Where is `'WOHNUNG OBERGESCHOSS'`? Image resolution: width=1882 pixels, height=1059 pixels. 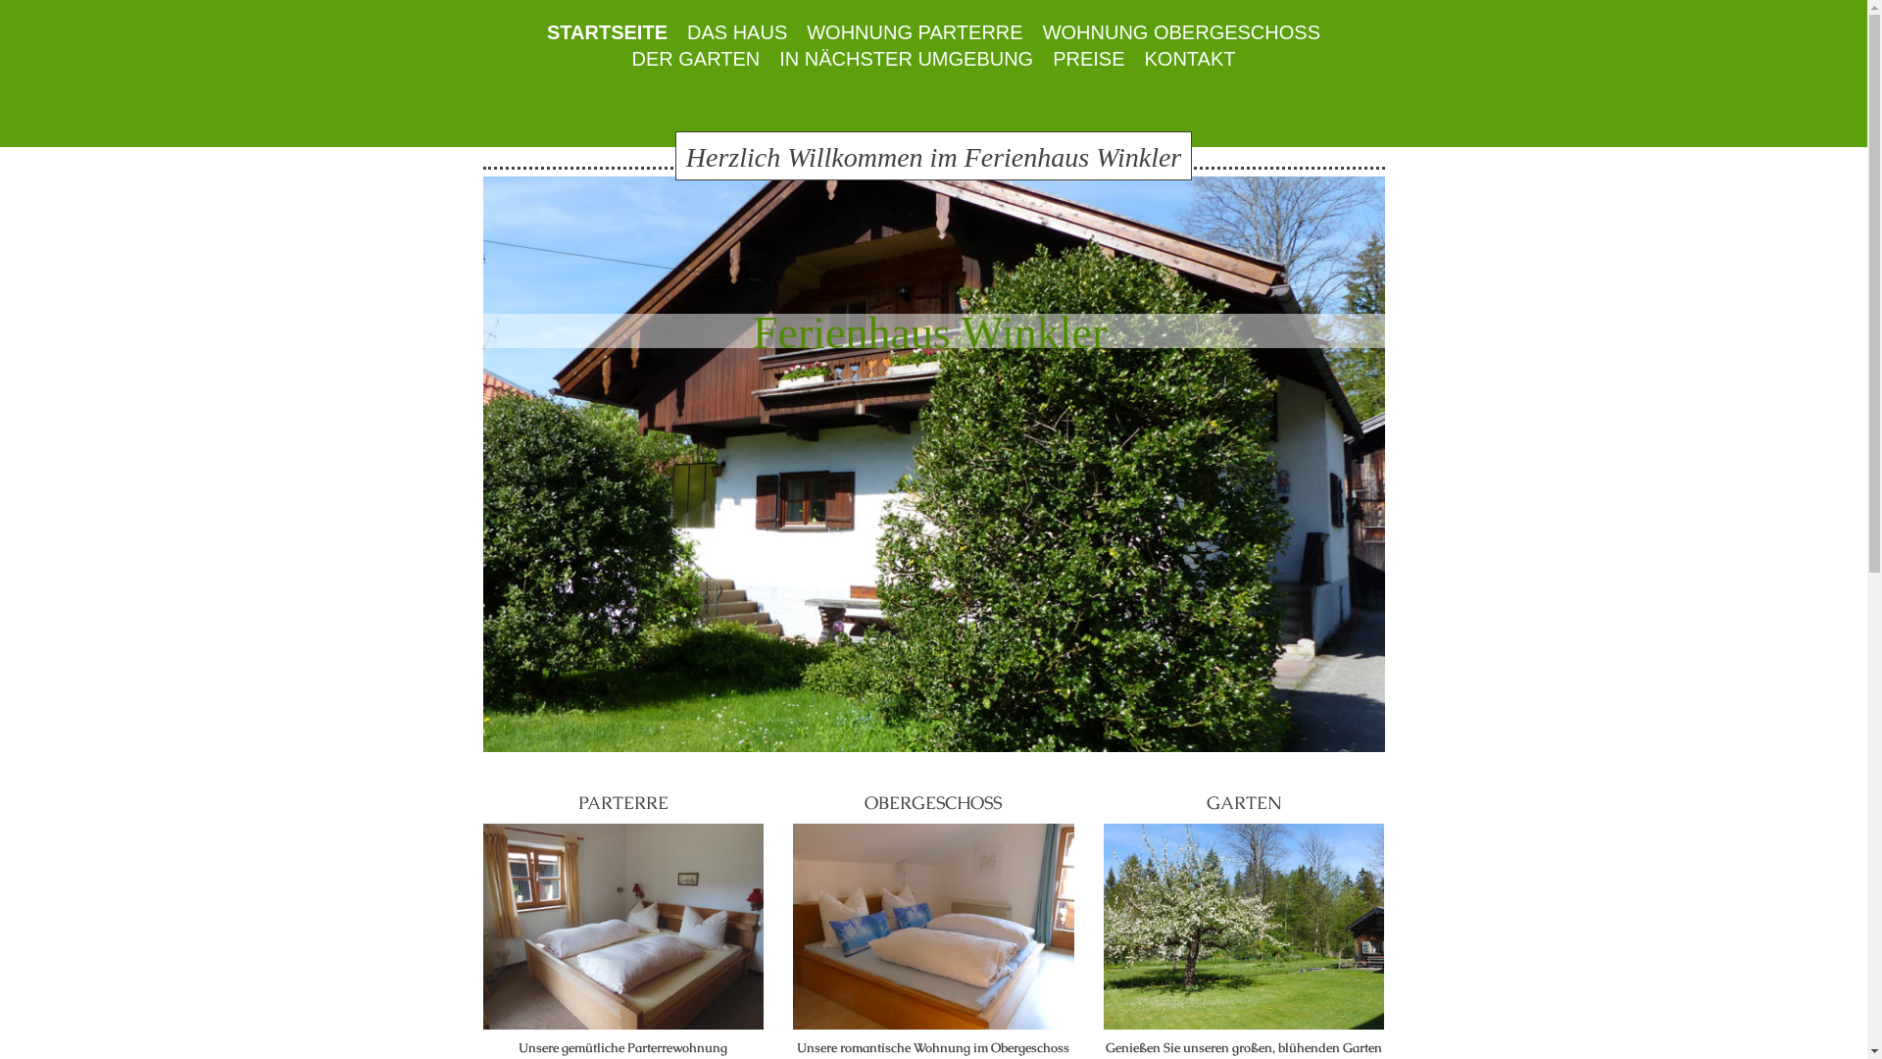
'WOHNUNG OBERGESCHOSS' is located at coordinates (1180, 32).